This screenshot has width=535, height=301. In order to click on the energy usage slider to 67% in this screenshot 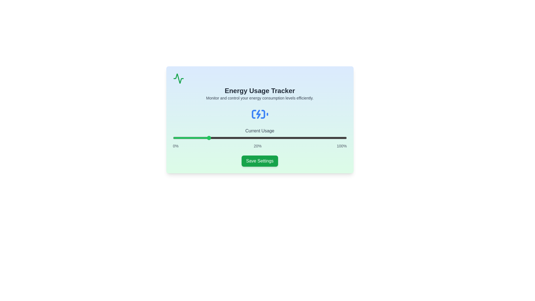, I will do `click(289, 138)`.